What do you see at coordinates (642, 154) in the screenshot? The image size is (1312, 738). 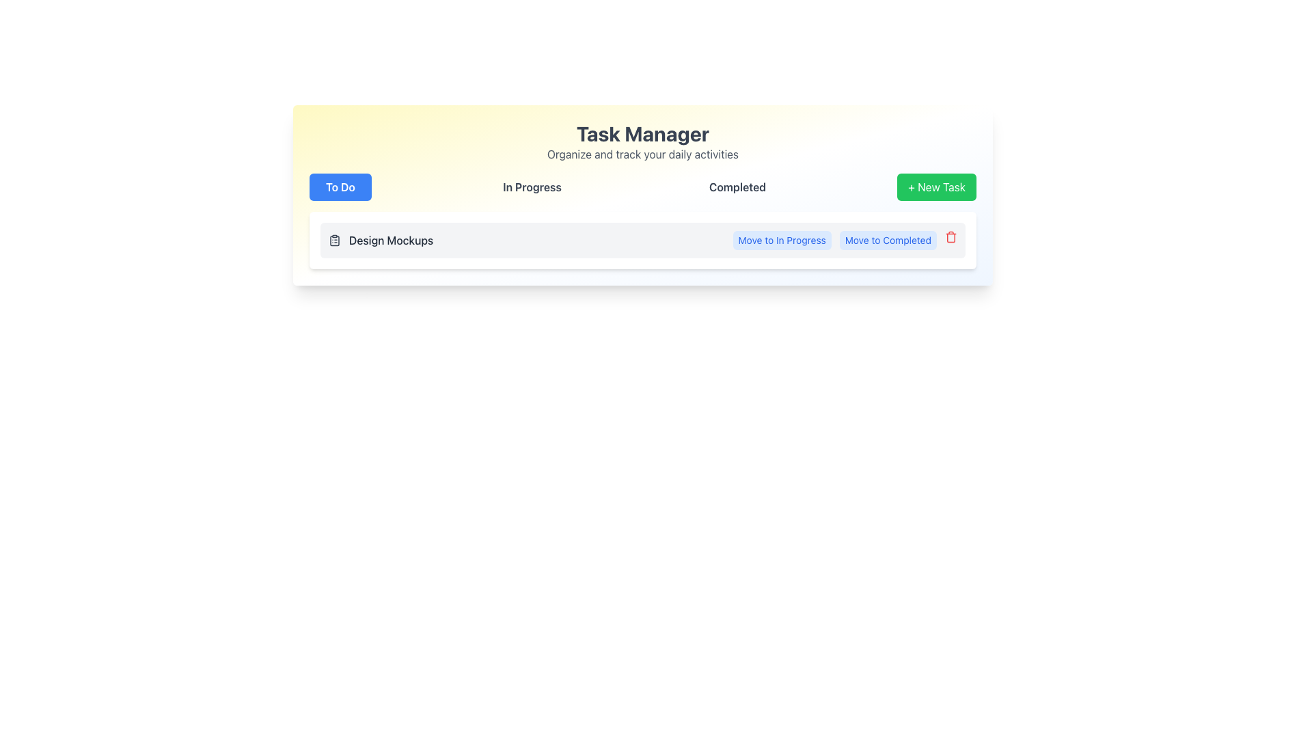 I see `the static text that displays 'Organize and track your daily activities', which is styled in gray below the 'Task Manager' header` at bounding box center [642, 154].